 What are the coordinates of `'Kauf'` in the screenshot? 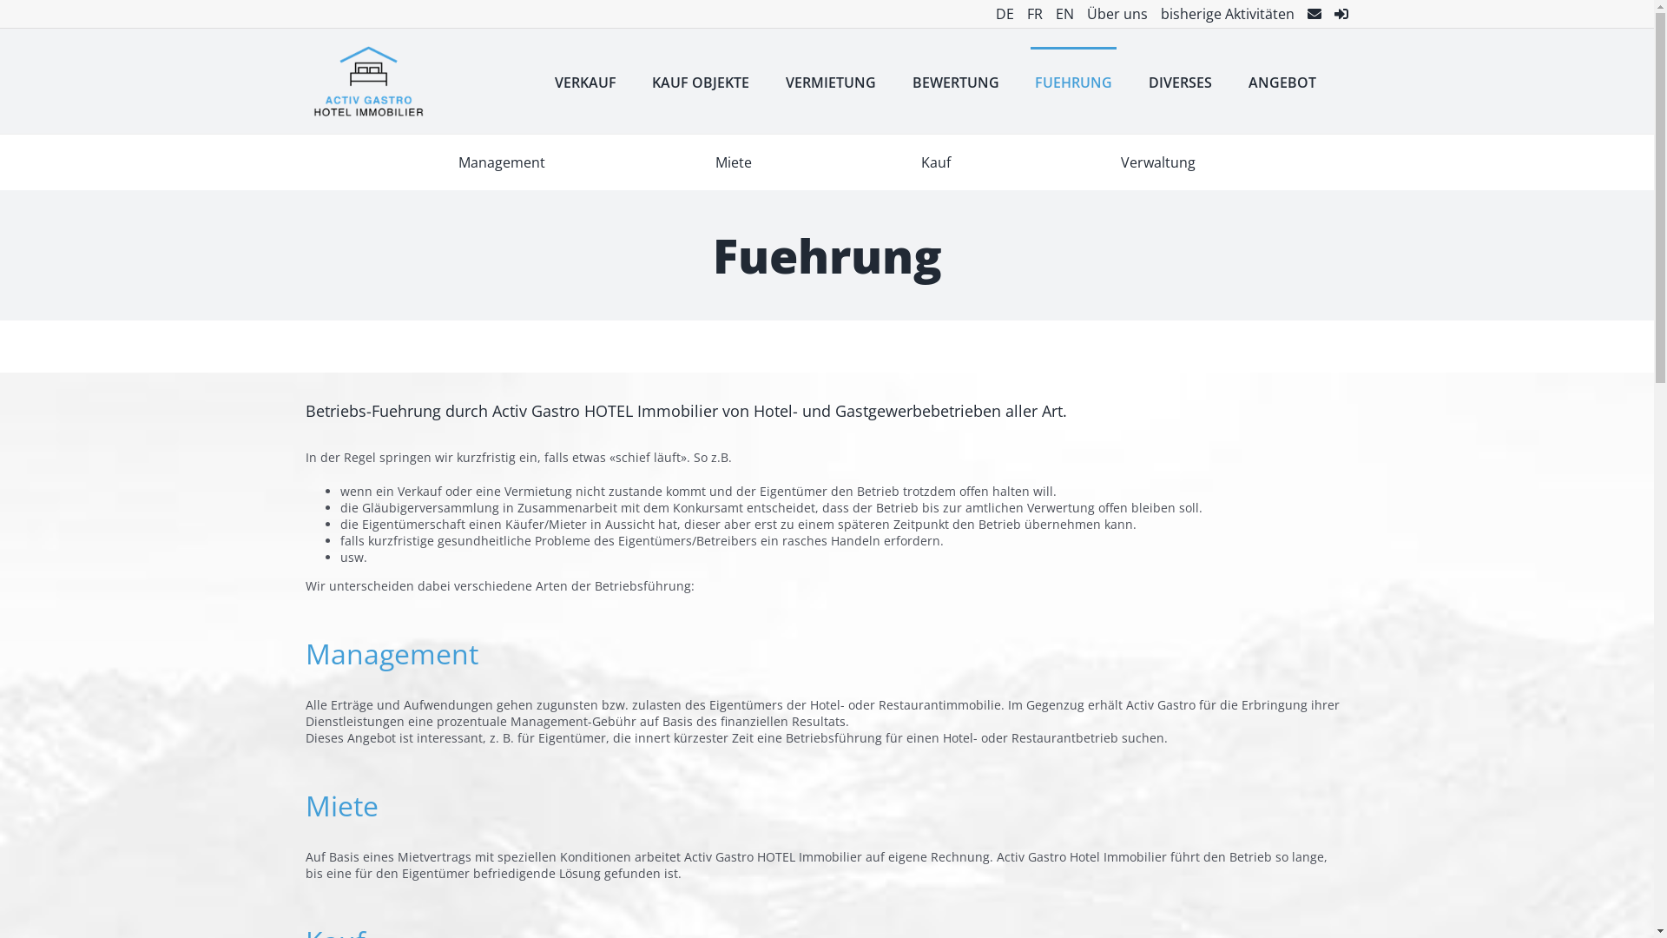 It's located at (903, 162).